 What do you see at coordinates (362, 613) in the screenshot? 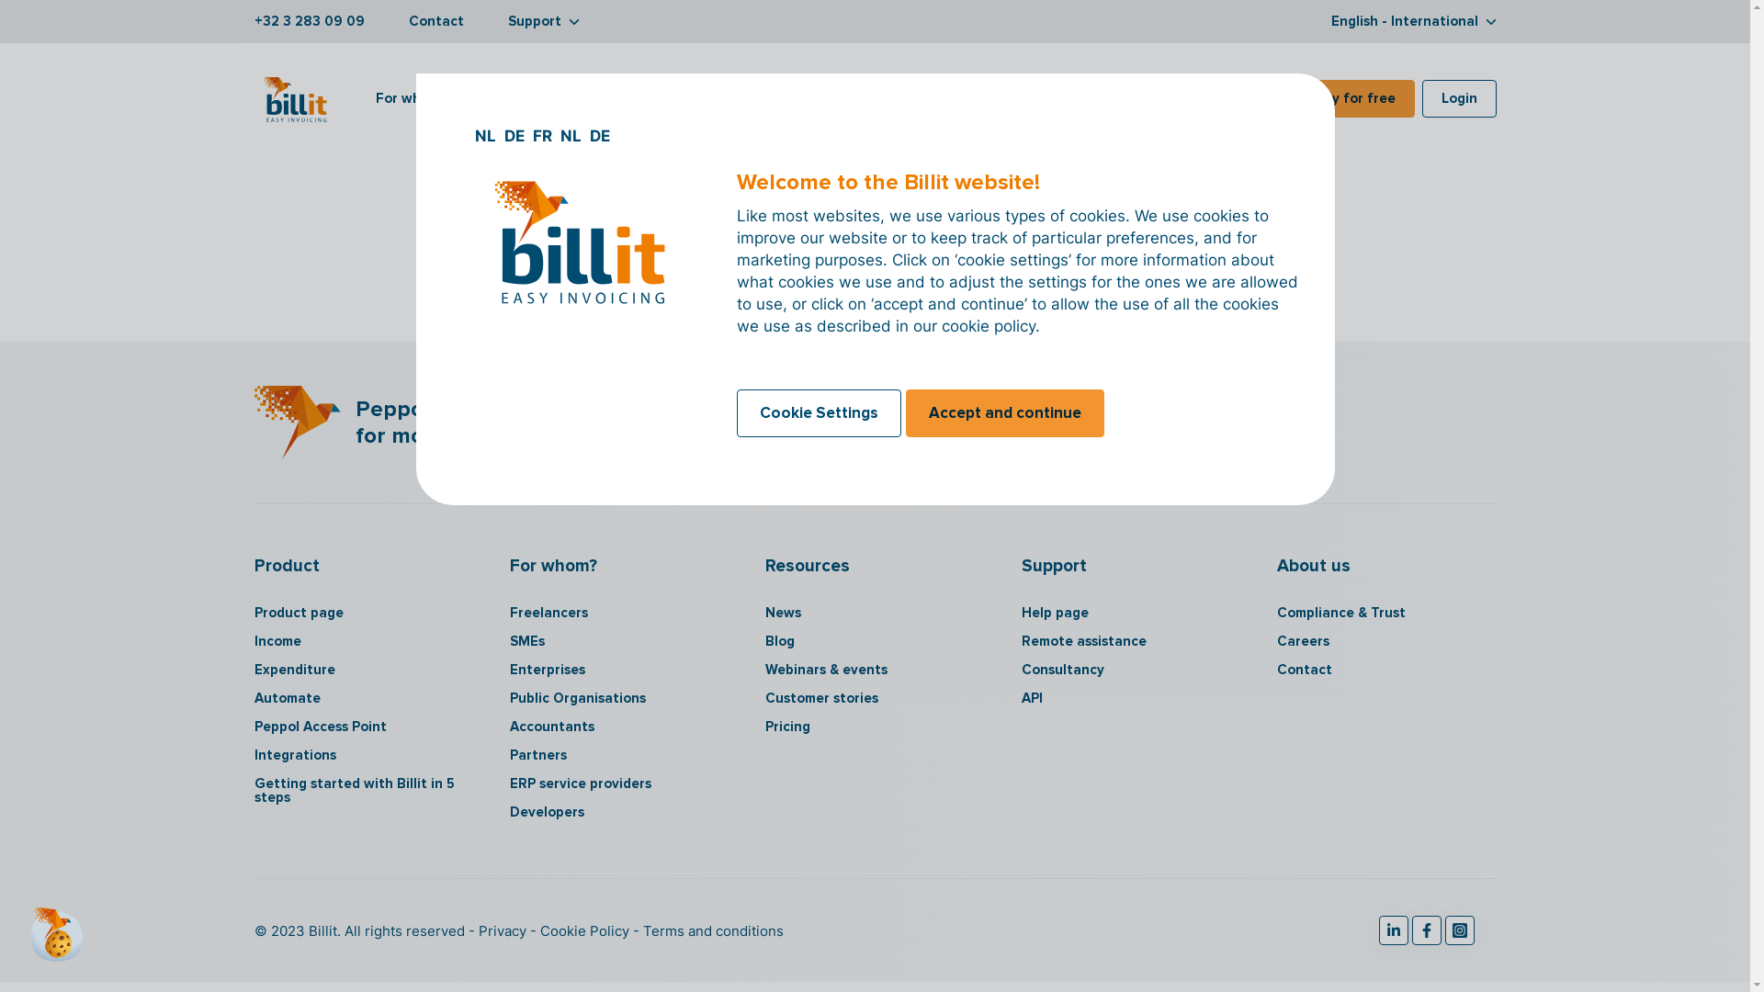
I see `'Product page'` at bounding box center [362, 613].